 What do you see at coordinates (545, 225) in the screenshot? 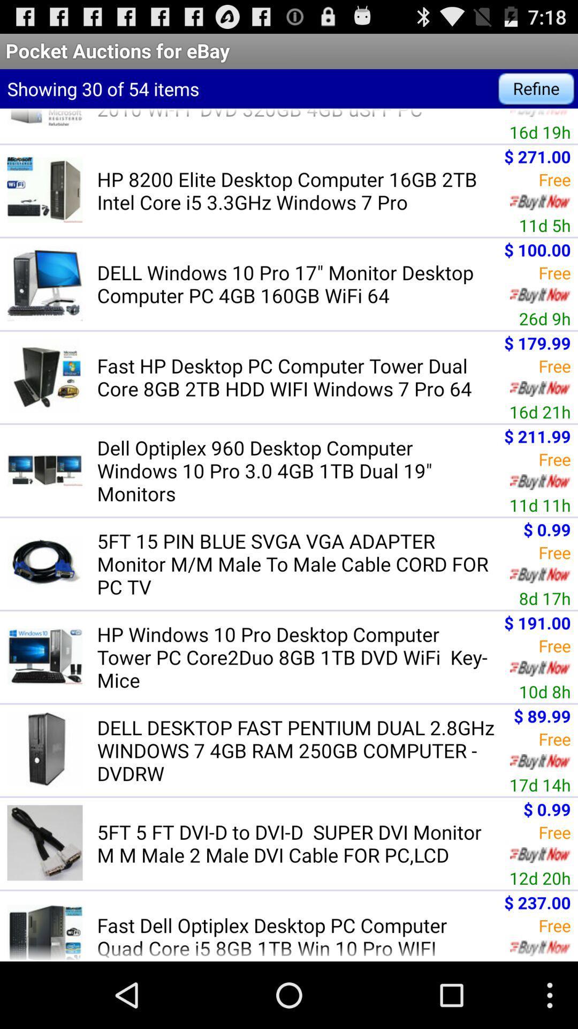
I see `the app above $ 100.00 icon` at bounding box center [545, 225].